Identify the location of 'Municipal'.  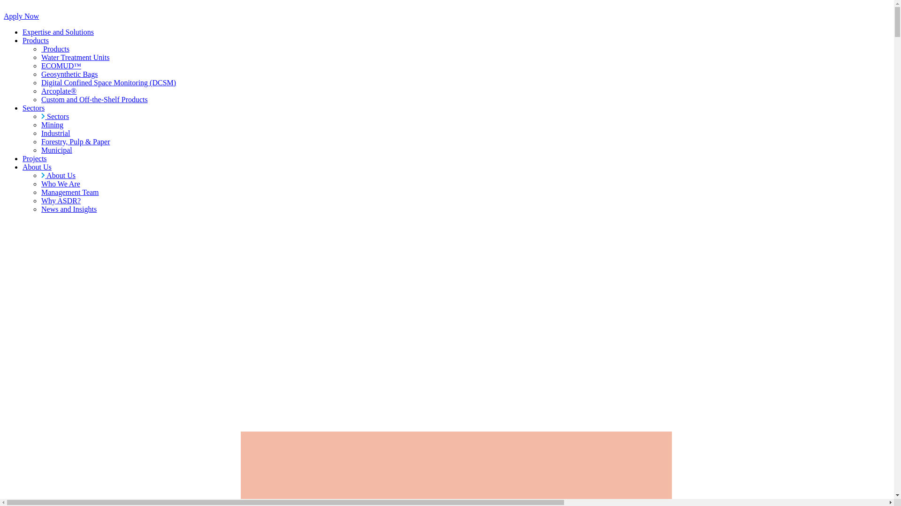
(56, 149).